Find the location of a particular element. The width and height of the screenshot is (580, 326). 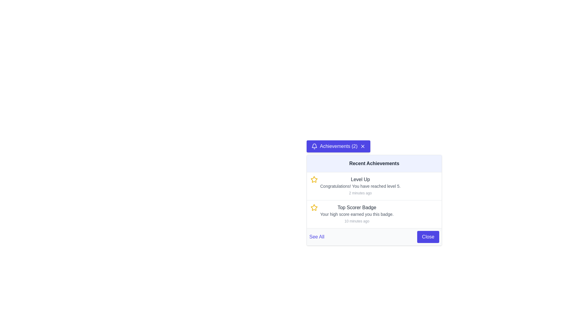

the 'Close' button, which is a rectangular button with rounded corners, indigo background, and white text, located at the bottom-right corner of the popup interface is located at coordinates (428, 237).